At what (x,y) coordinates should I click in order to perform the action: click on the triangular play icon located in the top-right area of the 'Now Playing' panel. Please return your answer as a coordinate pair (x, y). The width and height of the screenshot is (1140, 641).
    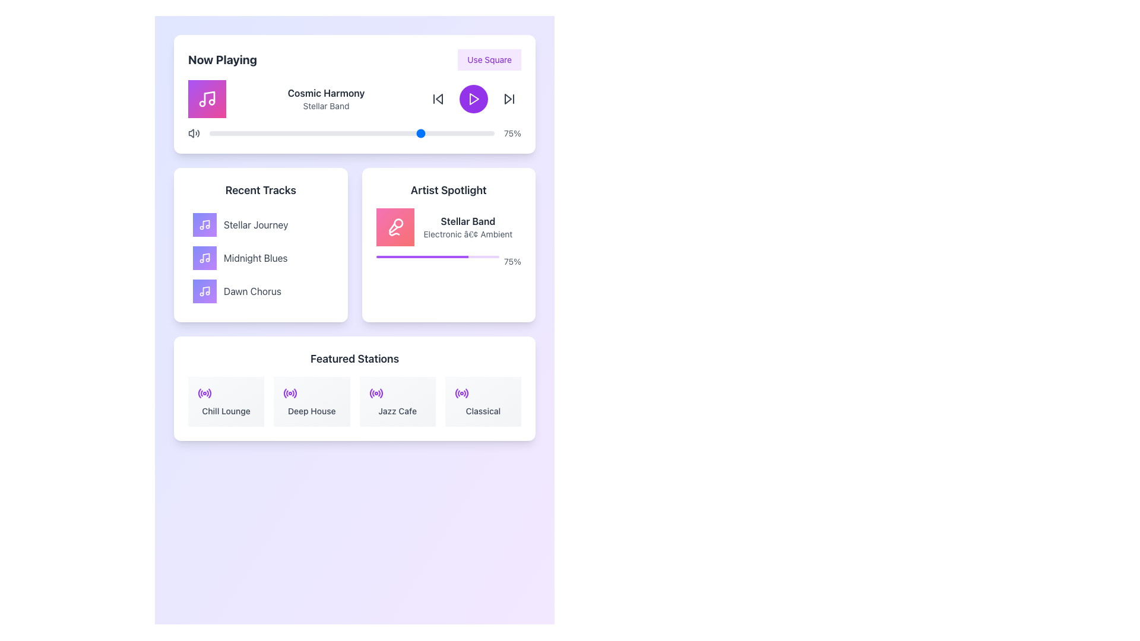
    Looking at the image, I should click on (508, 98).